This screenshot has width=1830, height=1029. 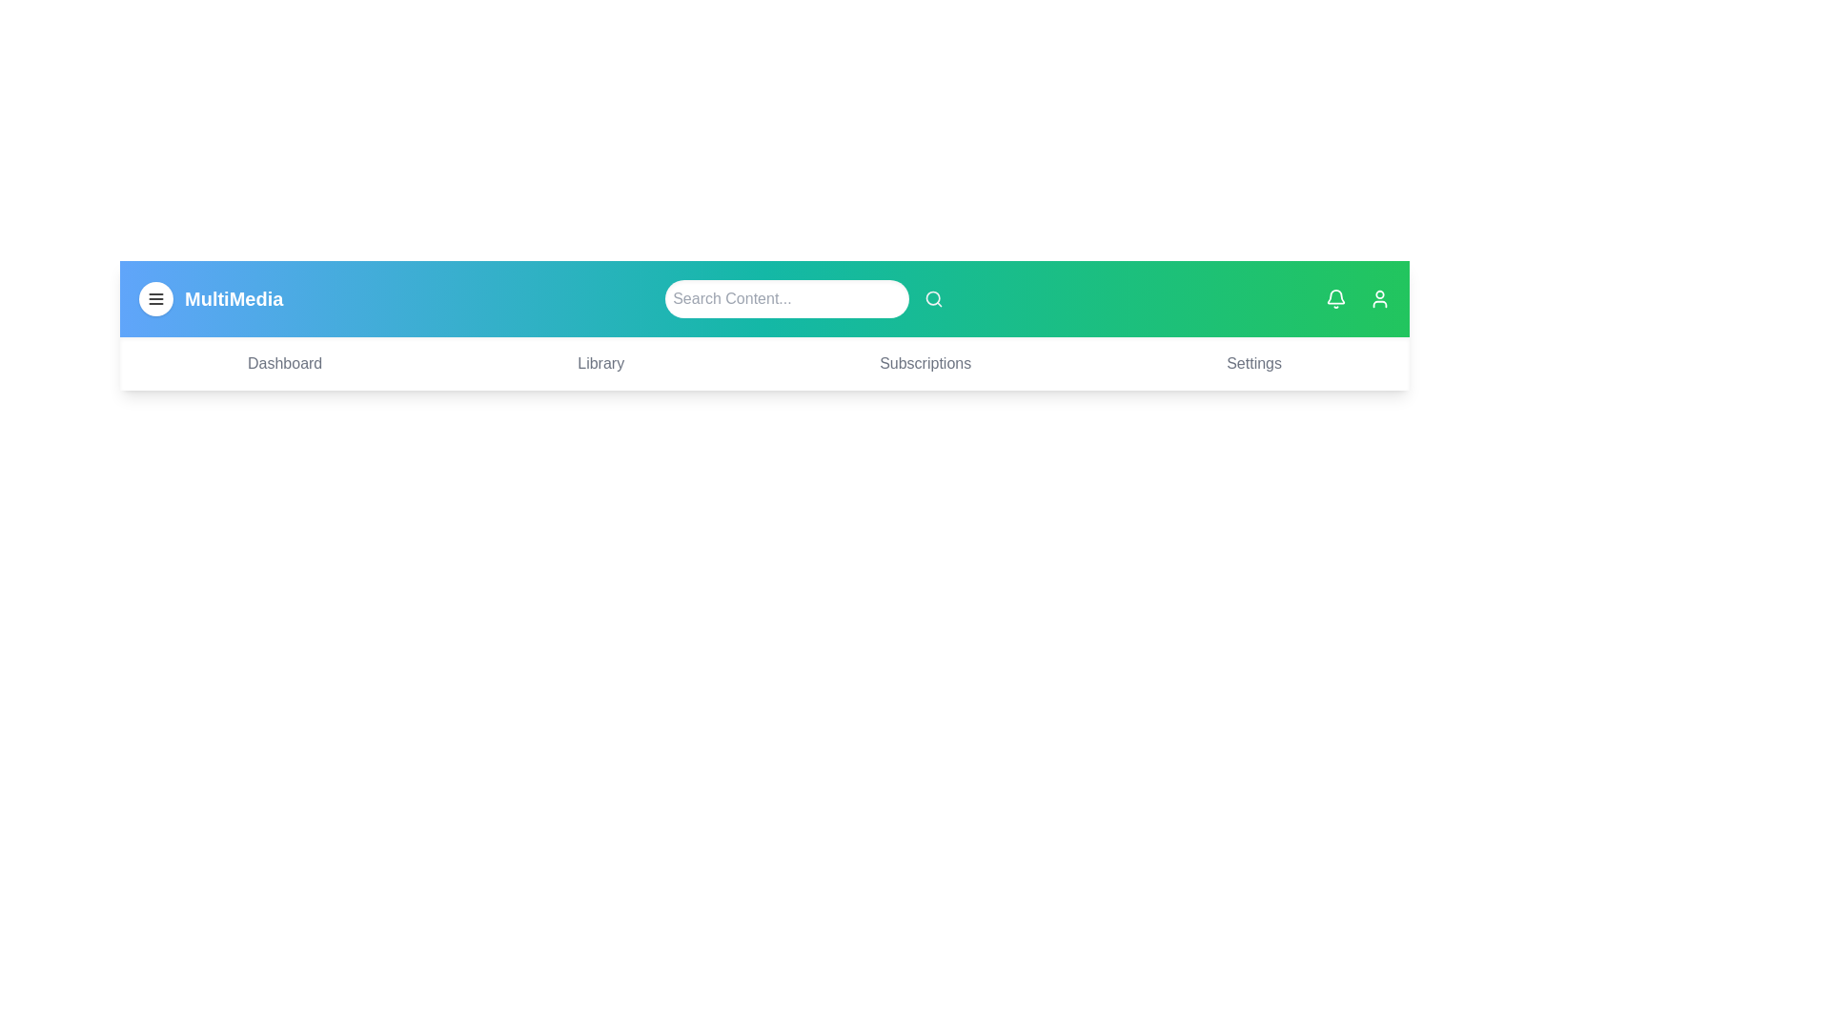 I want to click on the Library navigation menu item, so click(x=600, y=363).